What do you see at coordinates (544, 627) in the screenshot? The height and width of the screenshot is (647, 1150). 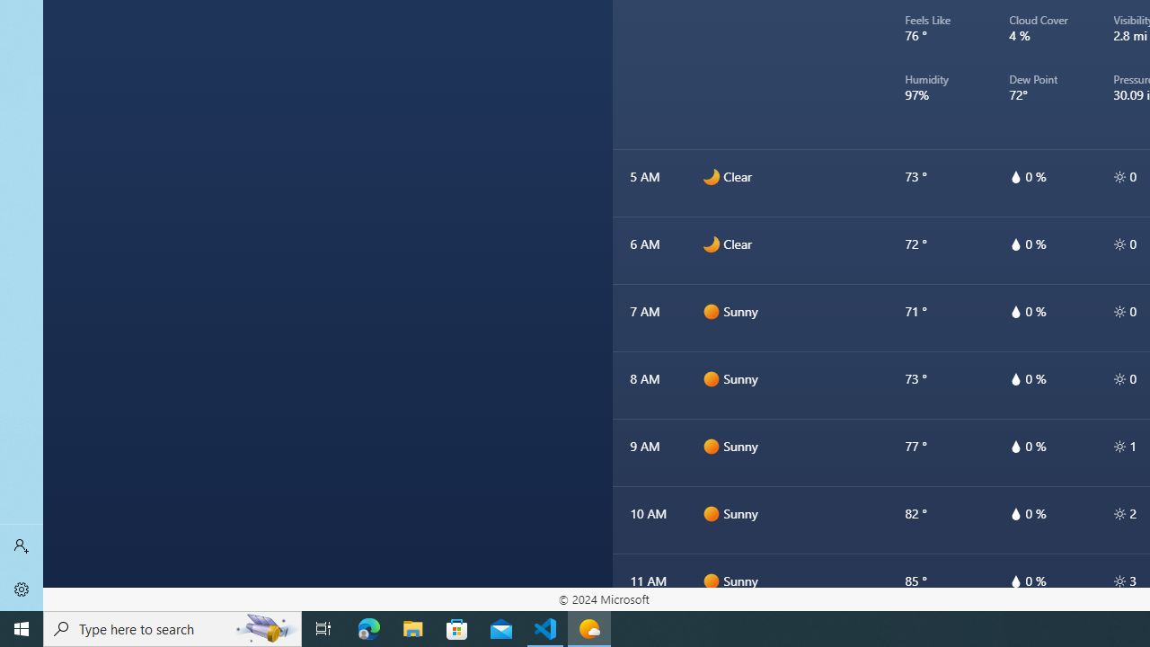 I see `'Visual Studio Code - 1 running window'` at bounding box center [544, 627].